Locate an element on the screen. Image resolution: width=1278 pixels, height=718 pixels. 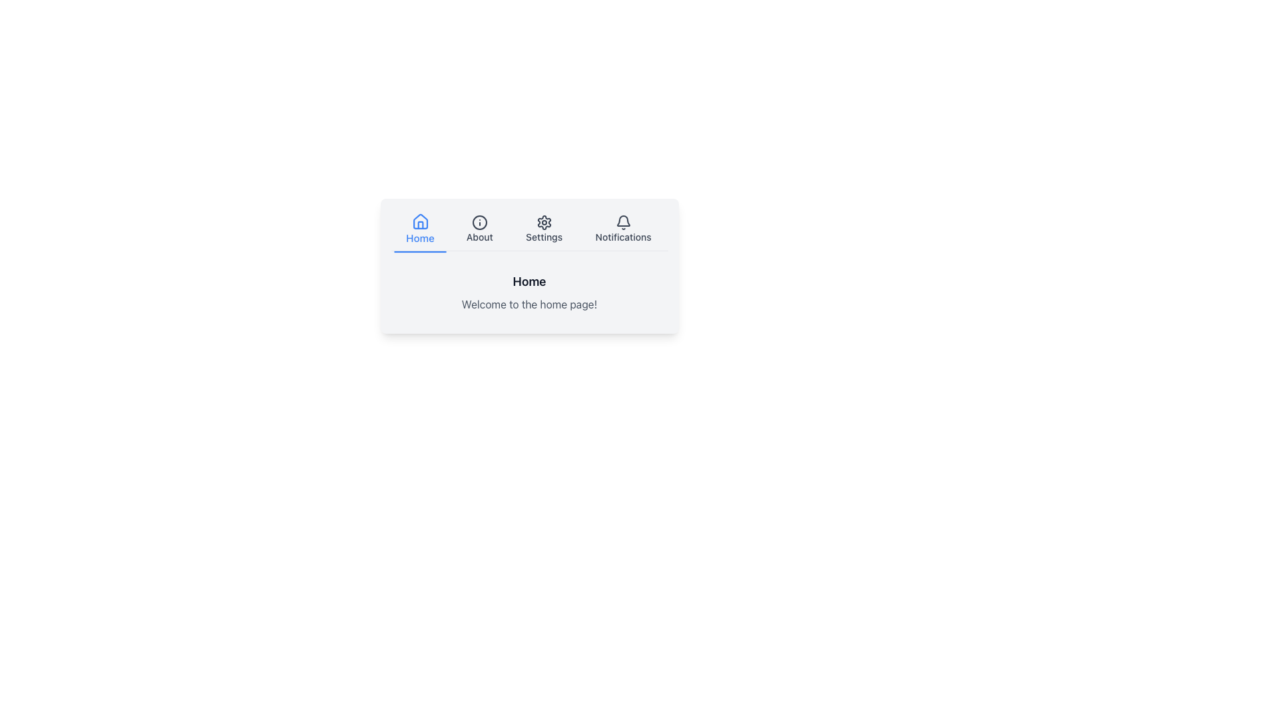
the settings icon, which is represented by a cogwheel shape and is located centrally among the four icons in the top section of the card interface is located at coordinates (544, 222).